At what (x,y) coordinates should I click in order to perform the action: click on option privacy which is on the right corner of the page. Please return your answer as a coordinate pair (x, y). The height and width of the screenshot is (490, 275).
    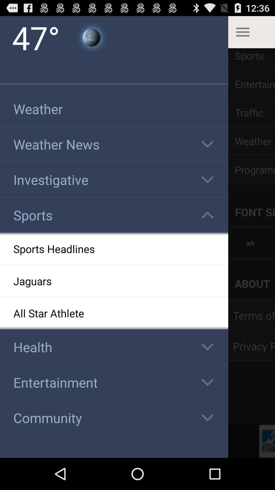
    Looking at the image, I should click on (251, 346).